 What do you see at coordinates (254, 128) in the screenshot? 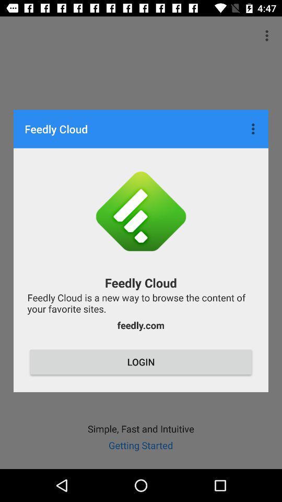
I see `the item above feedly cloud is icon` at bounding box center [254, 128].